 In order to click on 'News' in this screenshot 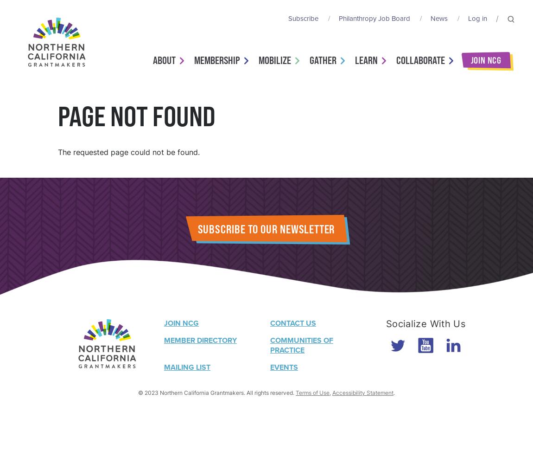, I will do `click(439, 19)`.